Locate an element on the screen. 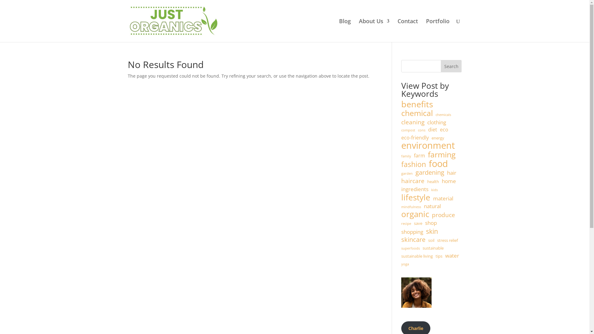  'About Us' is located at coordinates (359, 30).